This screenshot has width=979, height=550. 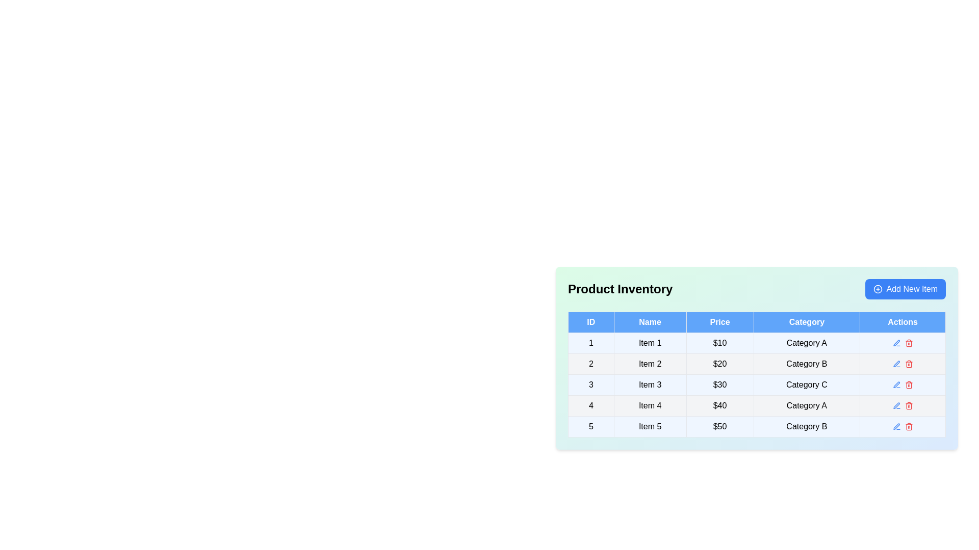 I want to click on text content of the second row's 'Name' cell in the 'Product Inventory' table, which represents the name of the second product, so click(x=650, y=363).